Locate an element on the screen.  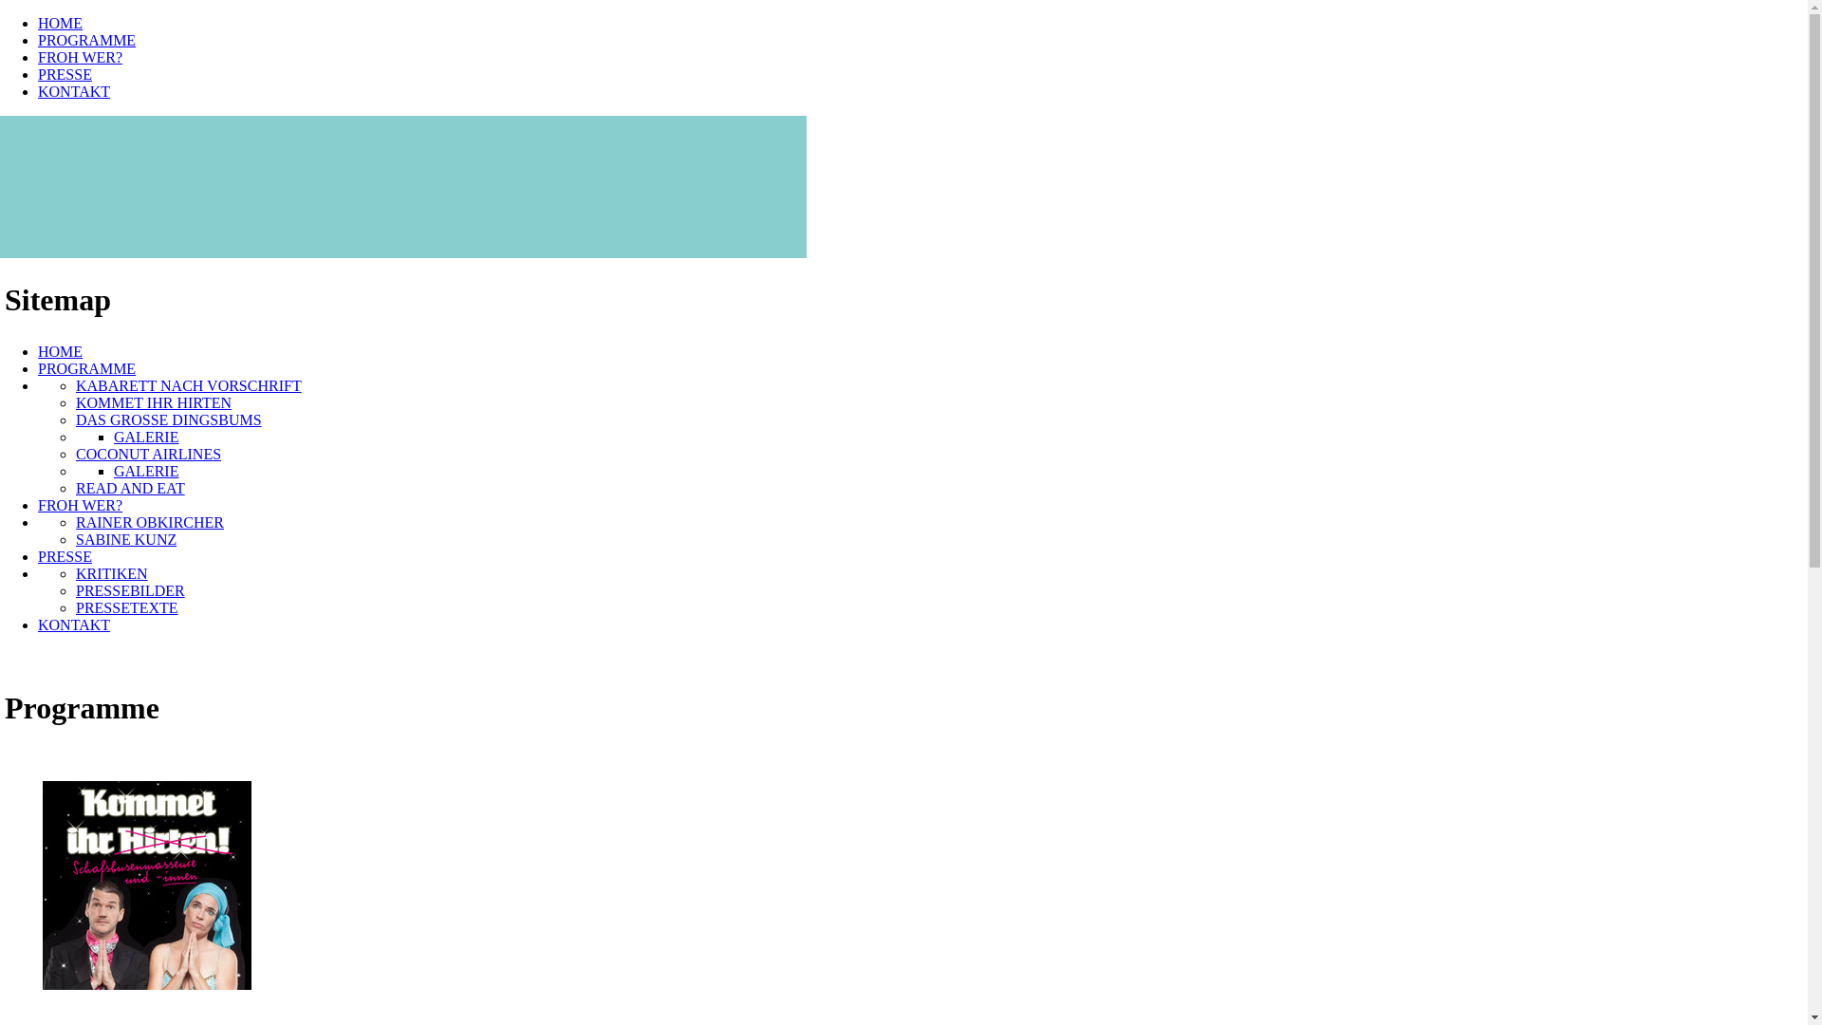
'KONTAKT' is located at coordinates (73, 624).